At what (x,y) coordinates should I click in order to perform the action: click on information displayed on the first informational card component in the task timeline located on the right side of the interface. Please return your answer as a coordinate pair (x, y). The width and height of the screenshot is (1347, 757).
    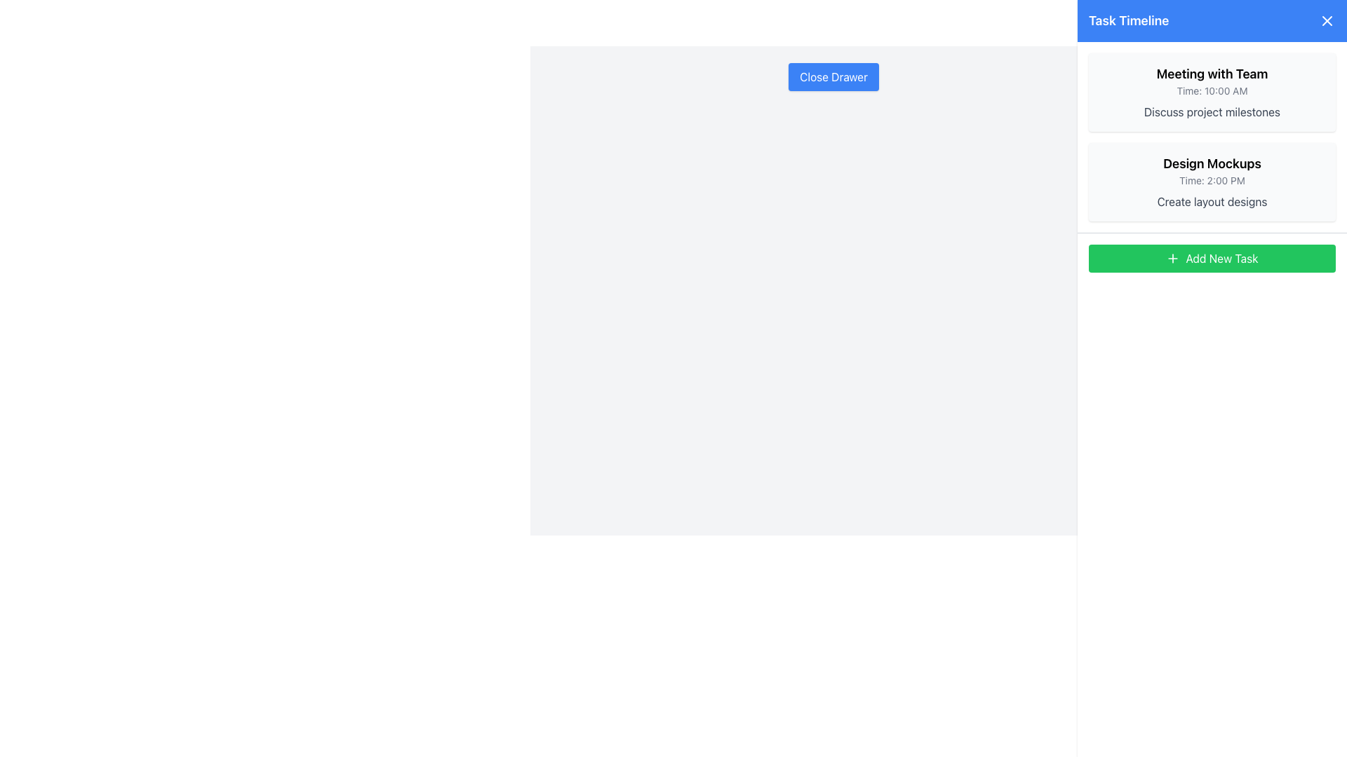
    Looking at the image, I should click on (1212, 92).